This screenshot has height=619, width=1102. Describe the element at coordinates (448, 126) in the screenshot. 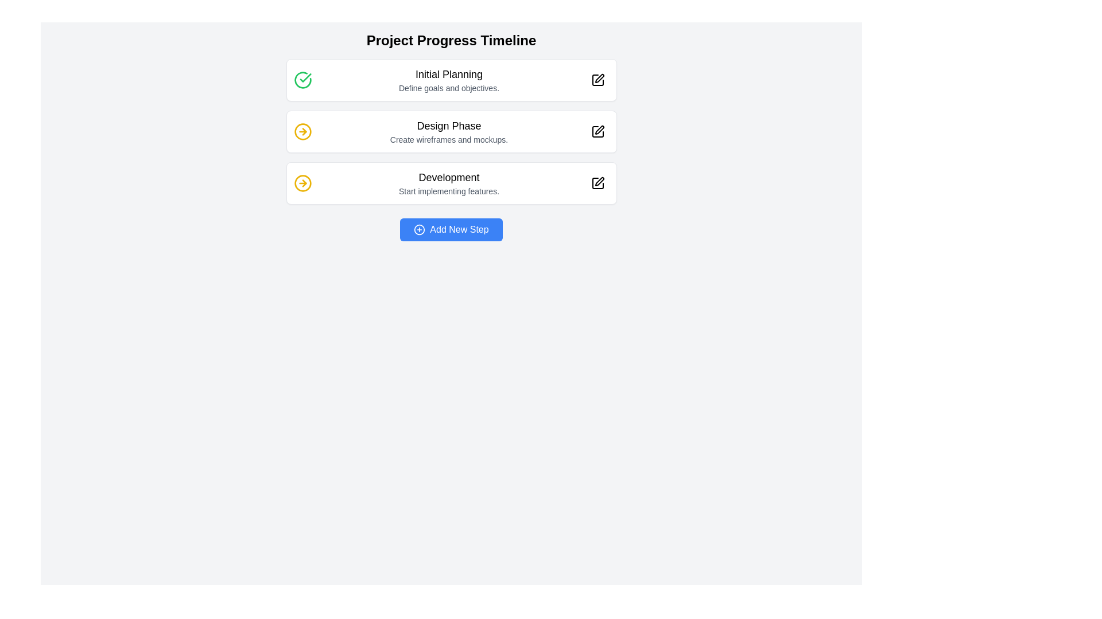

I see `the text label that identifies the current step in the project timeline, specifically within the 'Design Phase' section, located at the coordinates provided` at that location.